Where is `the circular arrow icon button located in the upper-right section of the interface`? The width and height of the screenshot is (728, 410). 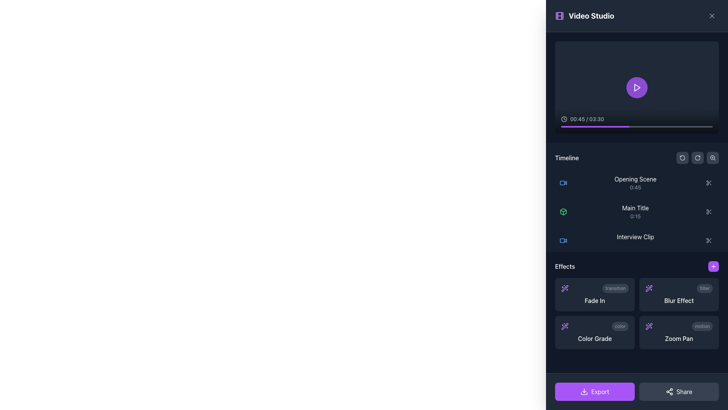
the circular arrow icon button located in the upper-right section of the interface is located at coordinates (697, 158).